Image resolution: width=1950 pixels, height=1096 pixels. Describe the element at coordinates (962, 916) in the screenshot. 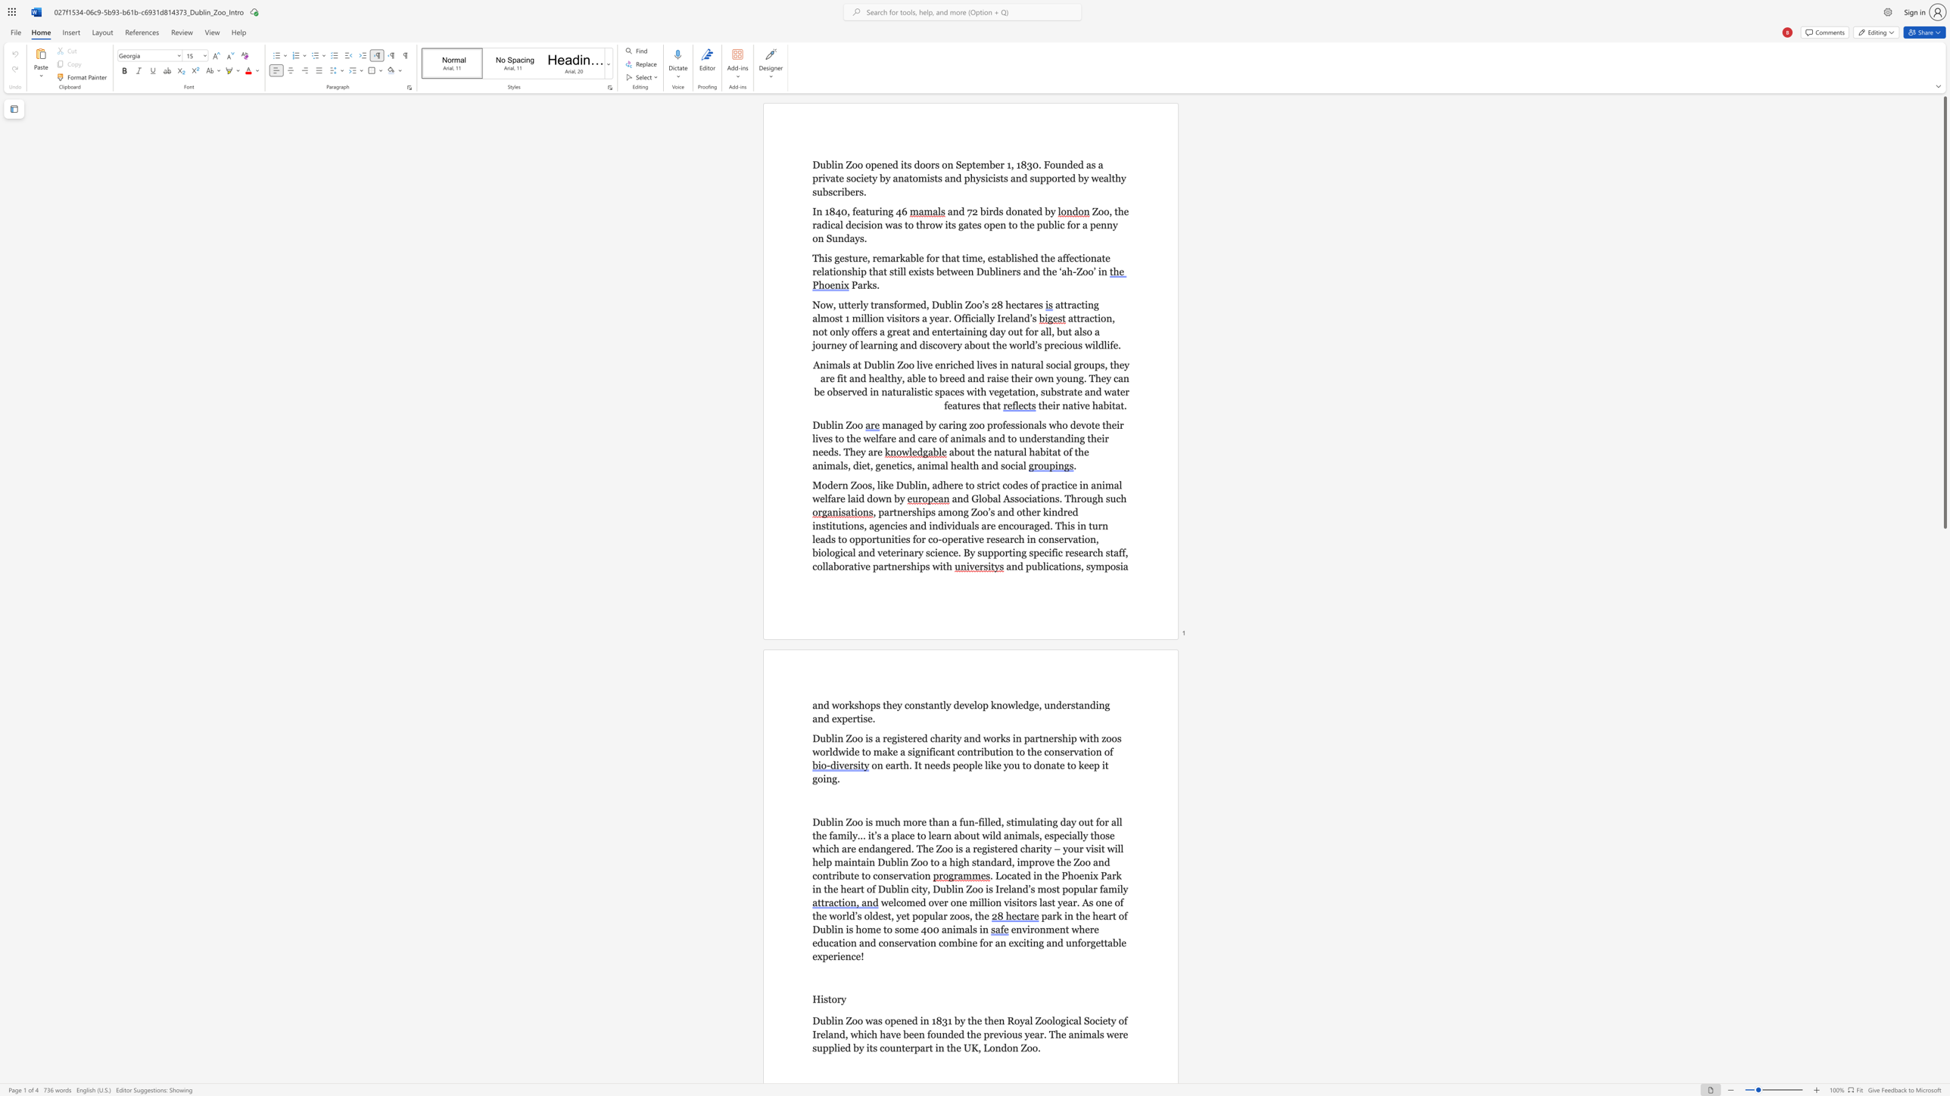

I see `the 3th character "o" in the text` at that location.